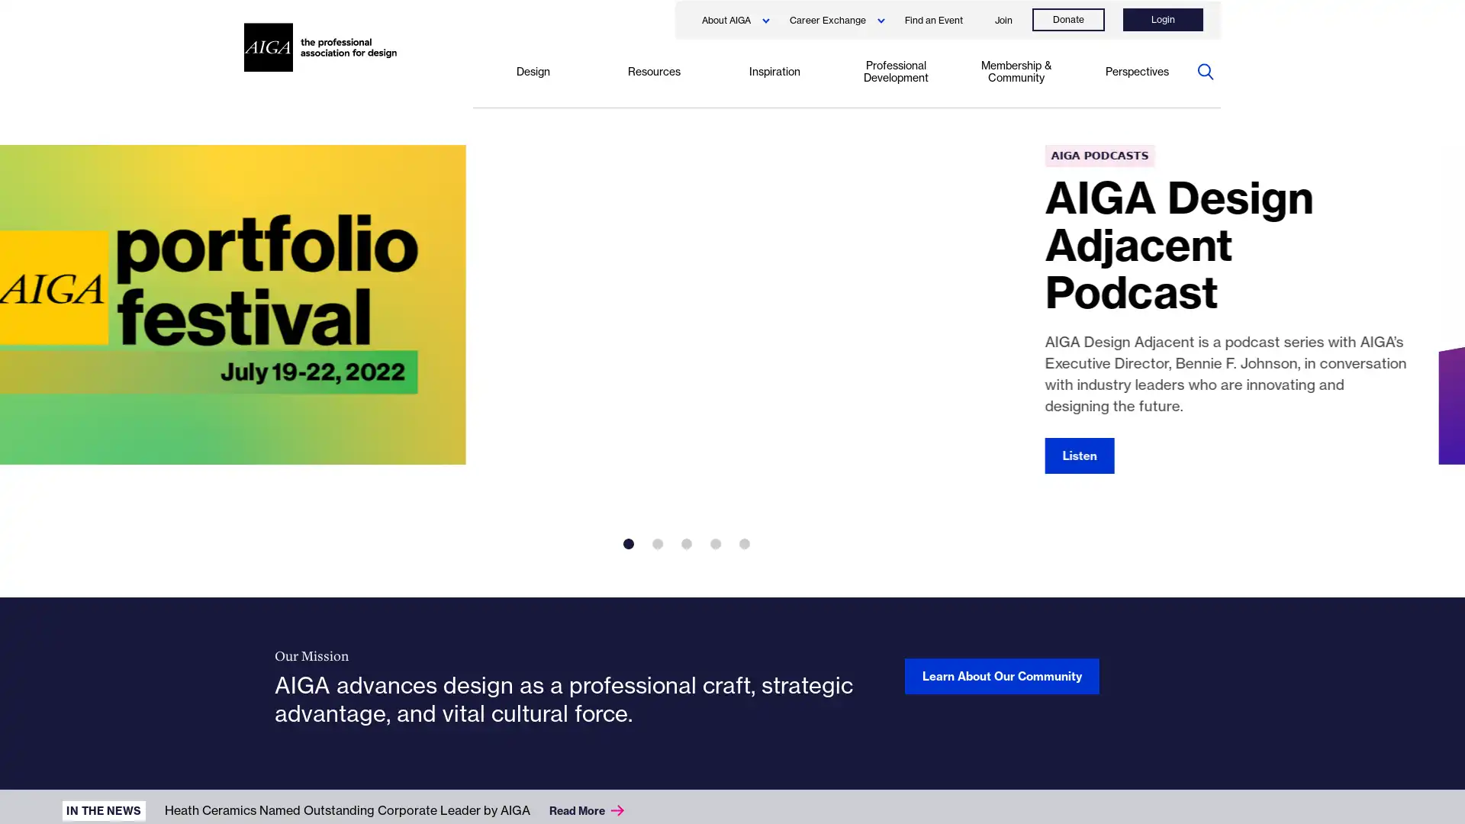  Describe the element at coordinates (686, 543) in the screenshot. I see `3 of 5` at that location.